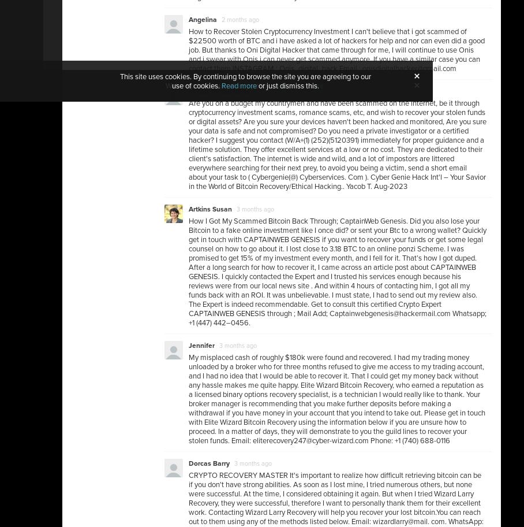 This screenshot has width=524, height=527. Describe the element at coordinates (271, 86) in the screenshot. I see `'Read more here.'` at that location.